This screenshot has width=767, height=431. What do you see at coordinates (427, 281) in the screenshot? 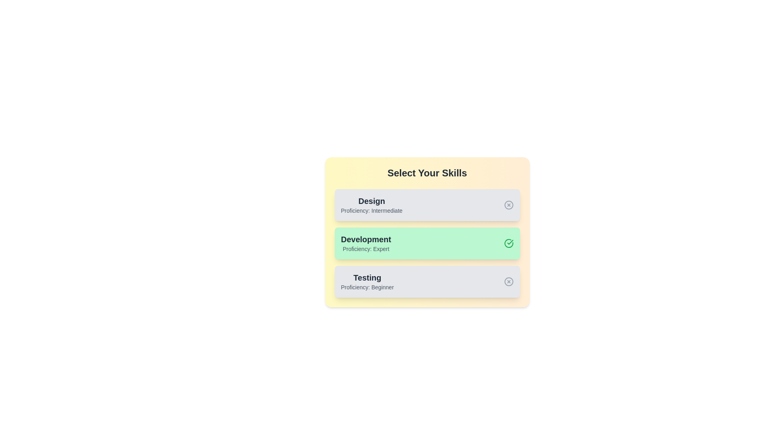
I see `the 'Testing' skill card to toggle its selection state` at bounding box center [427, 281].